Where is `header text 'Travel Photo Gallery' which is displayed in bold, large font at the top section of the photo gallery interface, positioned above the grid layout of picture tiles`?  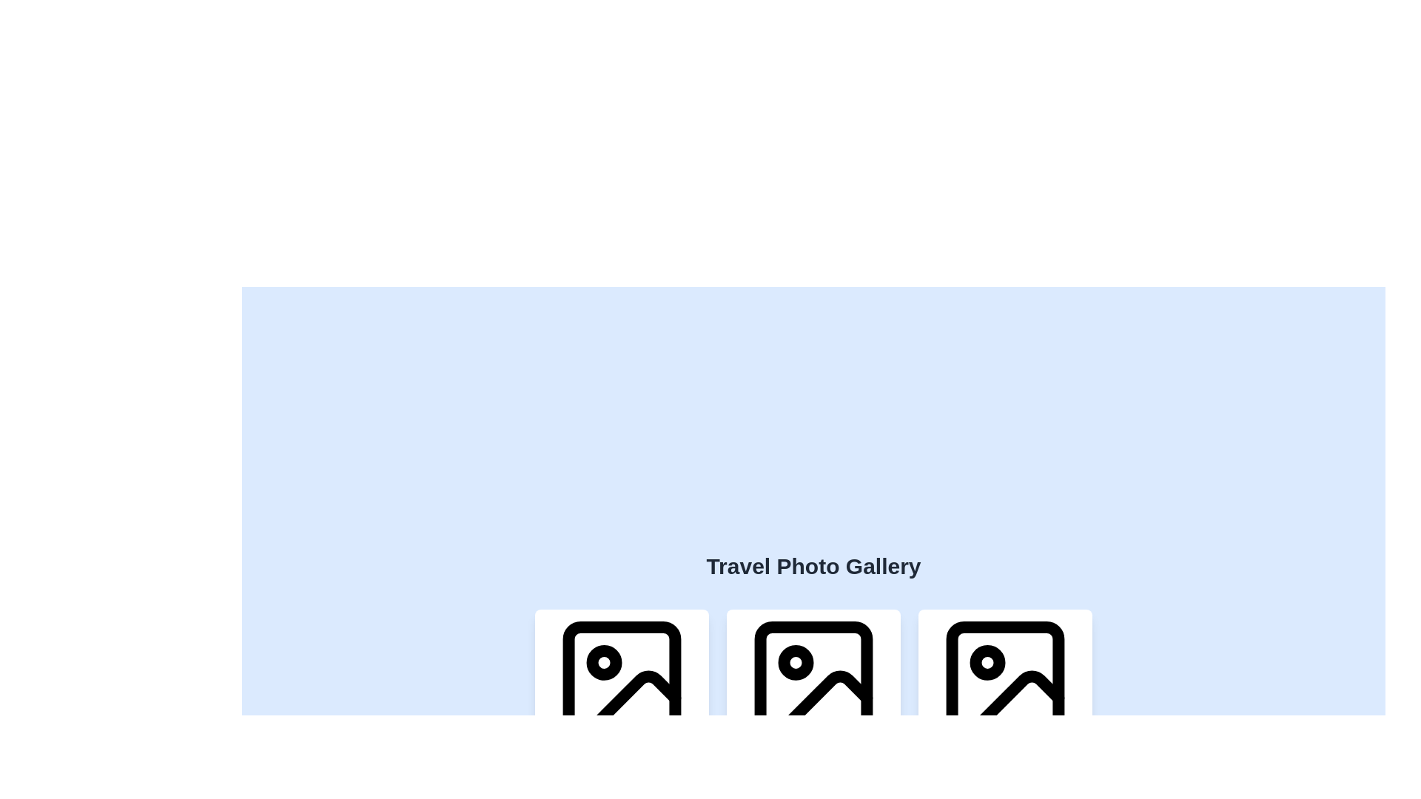 header text 'Travel Photo Gallery' which is displayed in bold, large font at the top section of the photo gallery interface, positioned above the grid layout of picture tiles is located at coordinates (813, 566).